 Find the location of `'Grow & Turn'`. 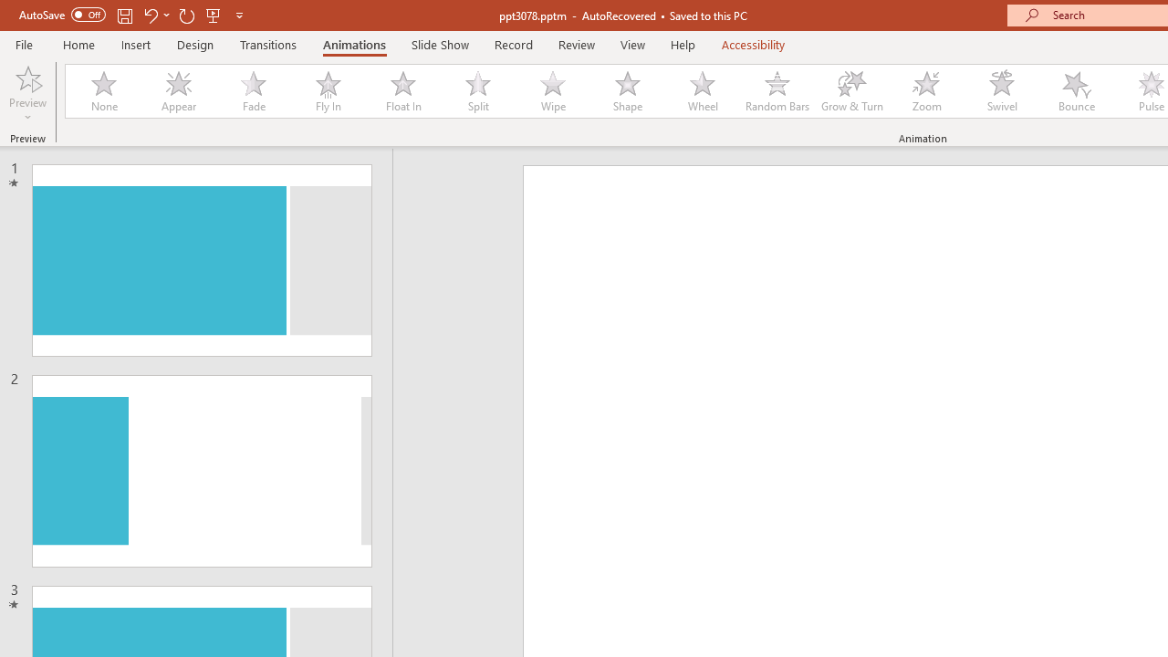

'Grow & Turn' is located at coordinates (851, 91).